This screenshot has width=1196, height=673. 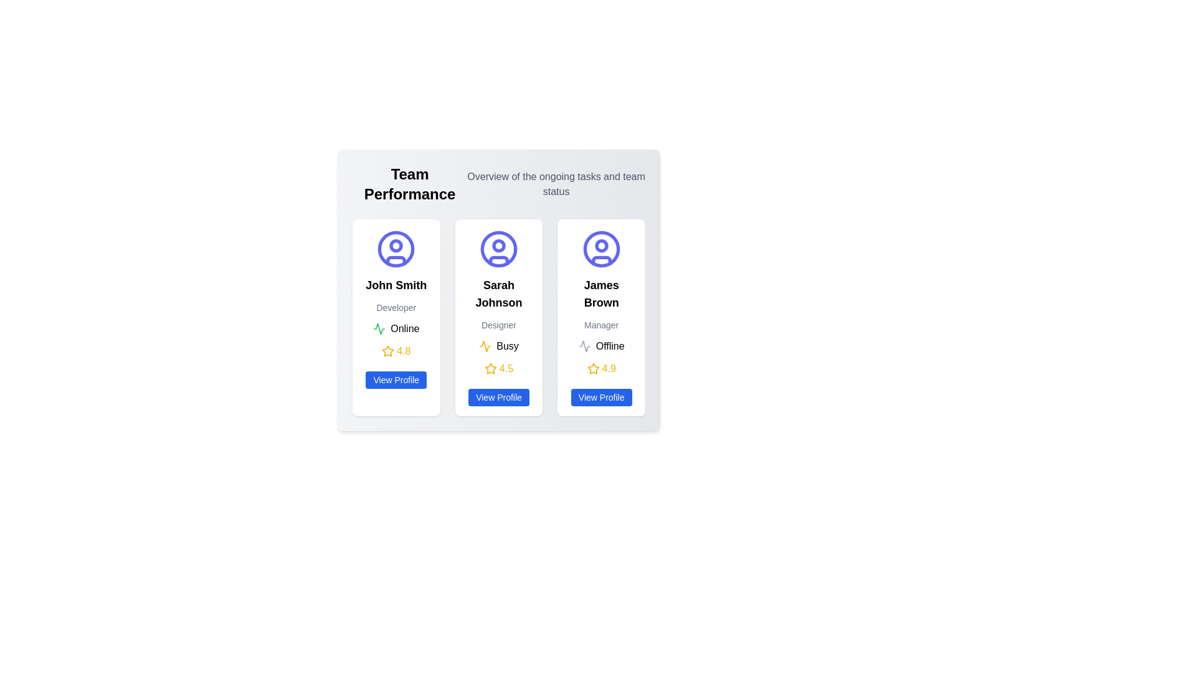 I want to click on the user profile icon representing 'Sarah Johnson' located at the top of the central card among three horizontally aligned user profile cards, so click(x=499, y=249).